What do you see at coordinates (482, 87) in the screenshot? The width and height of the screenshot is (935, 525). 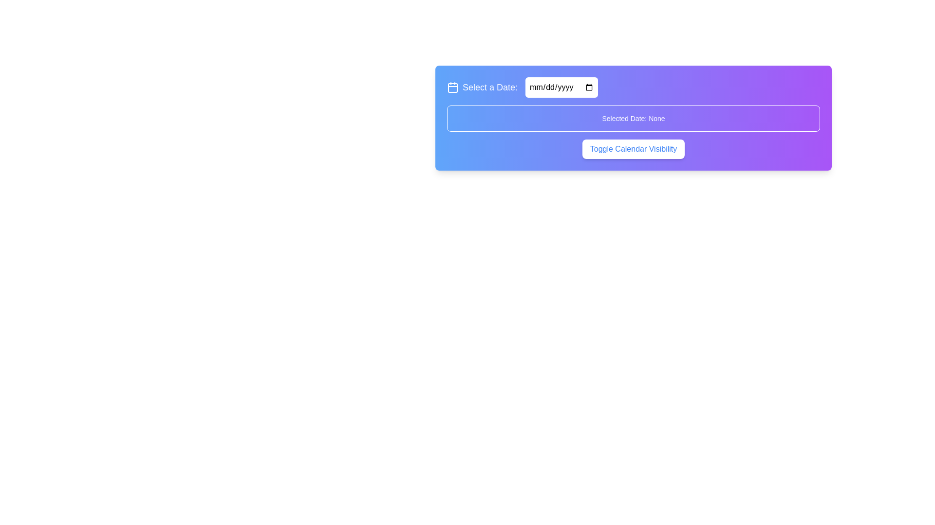 I see `the text label that serves as a caption for the date picker input field, located to the left of the date input area in the top row of the interface` at bounding box center [482, 87].